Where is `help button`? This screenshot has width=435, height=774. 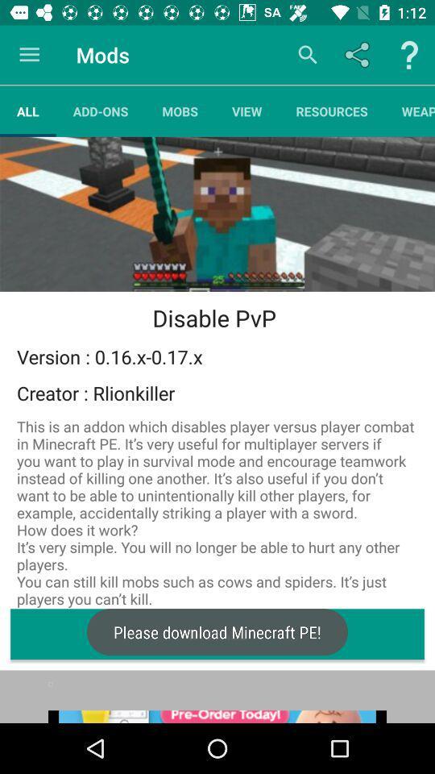 help button is located at coordinates (409, 55).